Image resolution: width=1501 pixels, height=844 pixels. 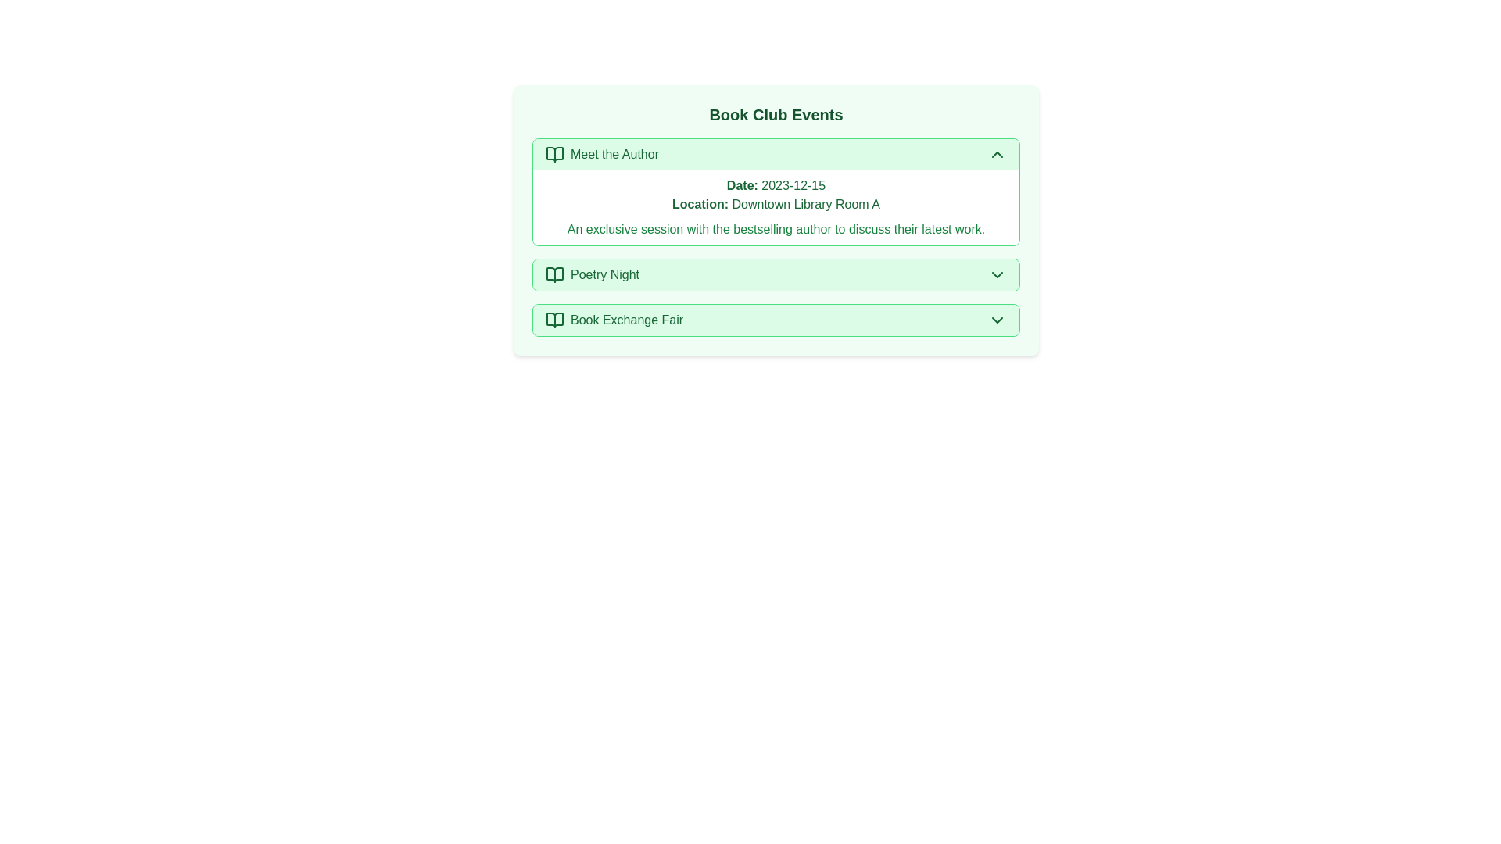 What do you see at coordinates (592, 274) in the screenshot?
I see `the 'Poetry Night' text label with an open book icon to associate the icon with the event title` at bounding box center [592, 274].